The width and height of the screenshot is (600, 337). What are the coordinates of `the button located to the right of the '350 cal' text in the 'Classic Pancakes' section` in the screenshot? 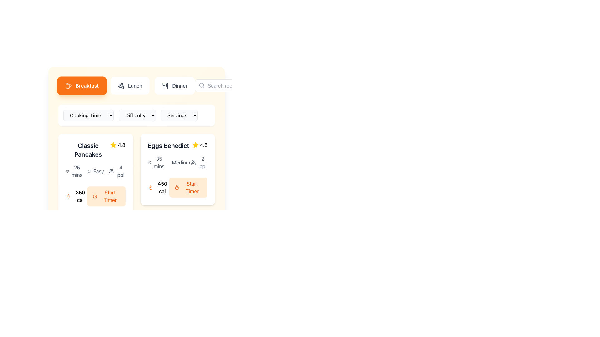 It's located at (106, 196).